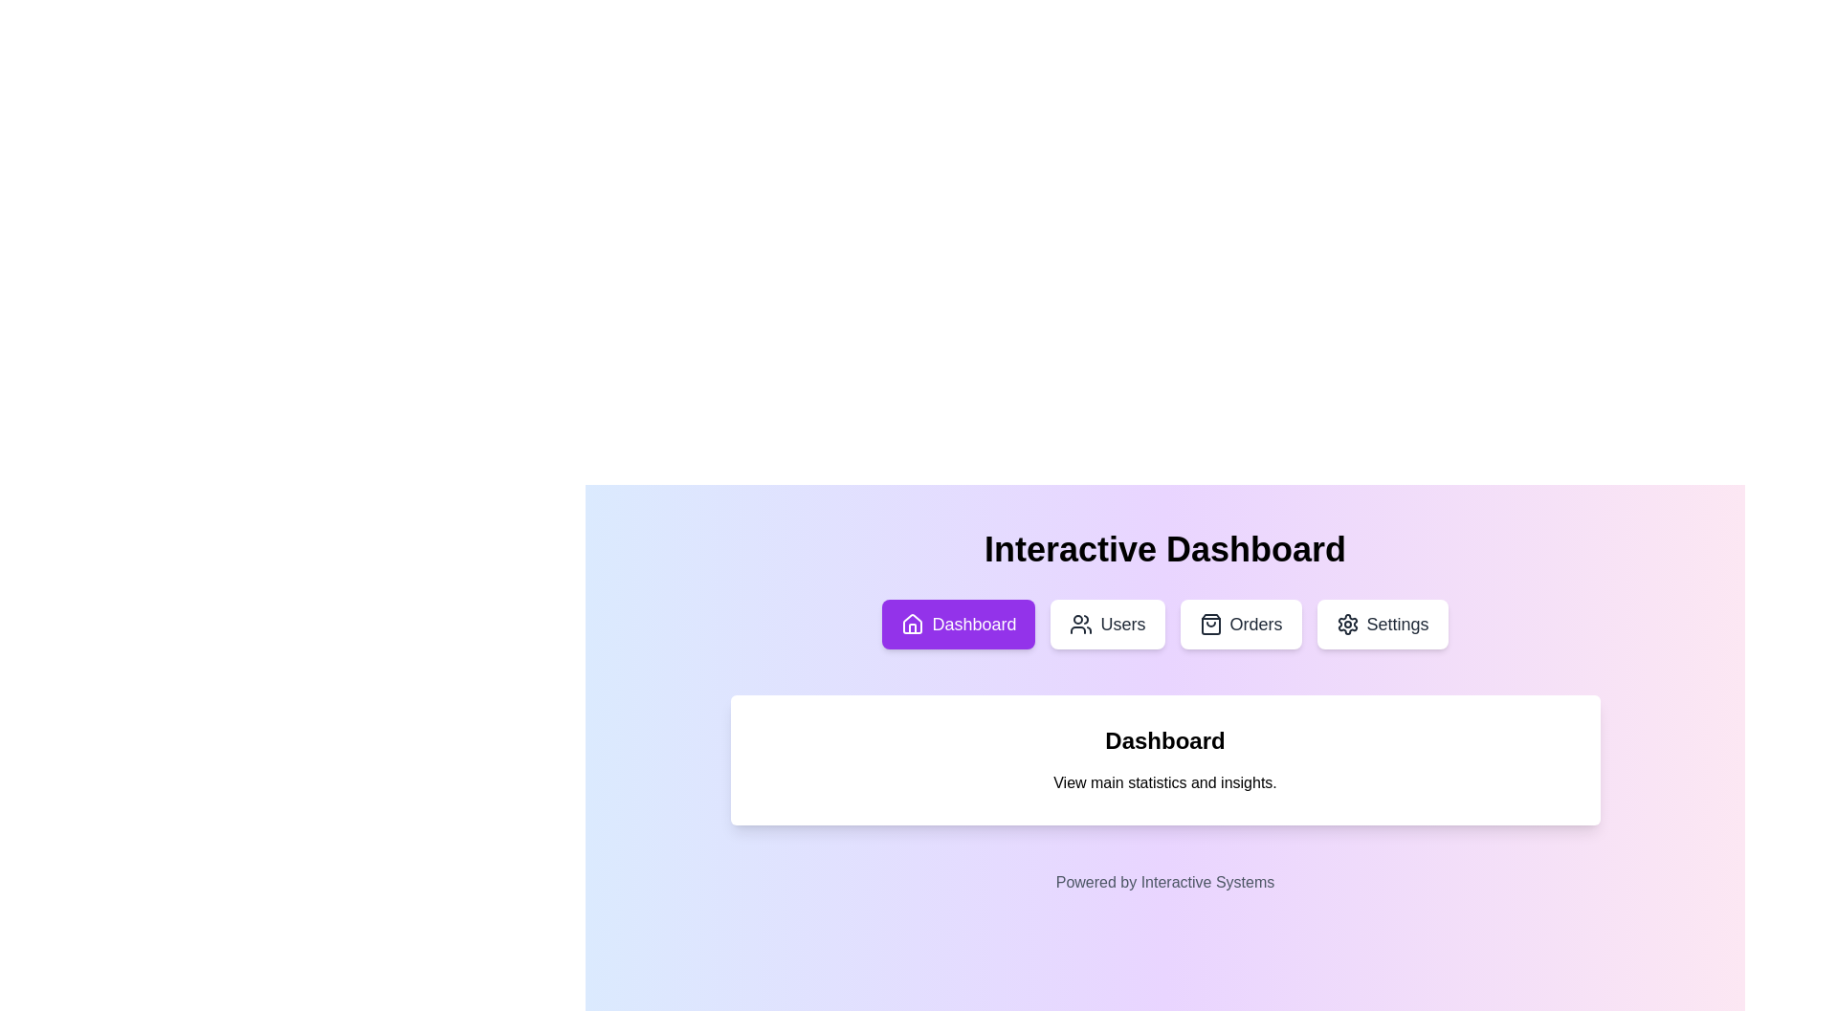  What do you see at coordinates (1164, 740) in the screenshot?
I see `the bold, large-font text label displaying 'Dashboard', which serves as the prominent title at the top of its section` at bounding box center [1164, 740].